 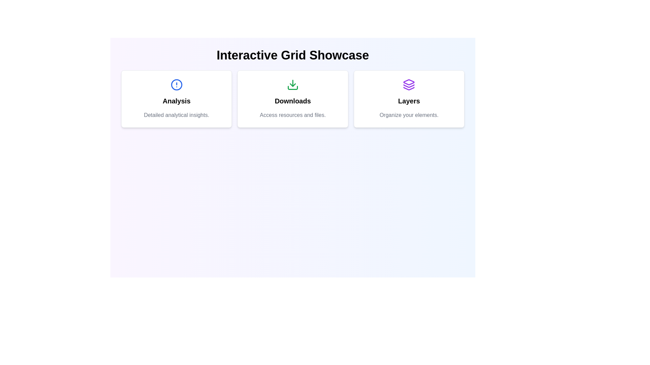 What do you see at coordinates (176, 84) in the screenshot?
I see `the alert icon located at the top center of the 'Analysis' card within the 'Interactive Grid Showcase' section for information` at bounding box center [176, 84].